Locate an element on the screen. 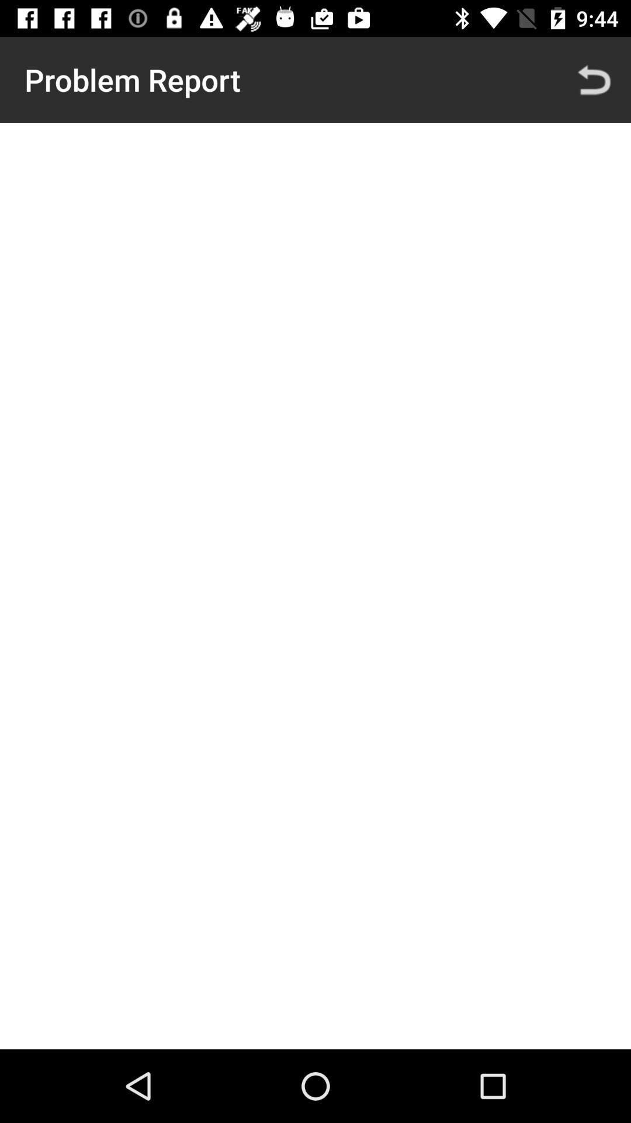  icon to the right of problem report is located at coordinates (594, 79).